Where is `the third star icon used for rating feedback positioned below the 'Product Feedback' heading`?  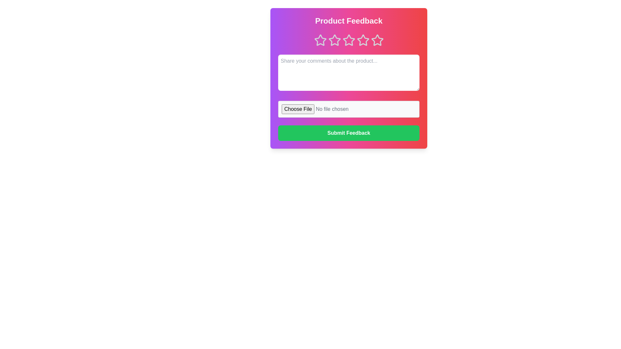
the third star icon used for rating feedback positioned below the 'Product Feedback' heading is located at coordinates (348, 40).